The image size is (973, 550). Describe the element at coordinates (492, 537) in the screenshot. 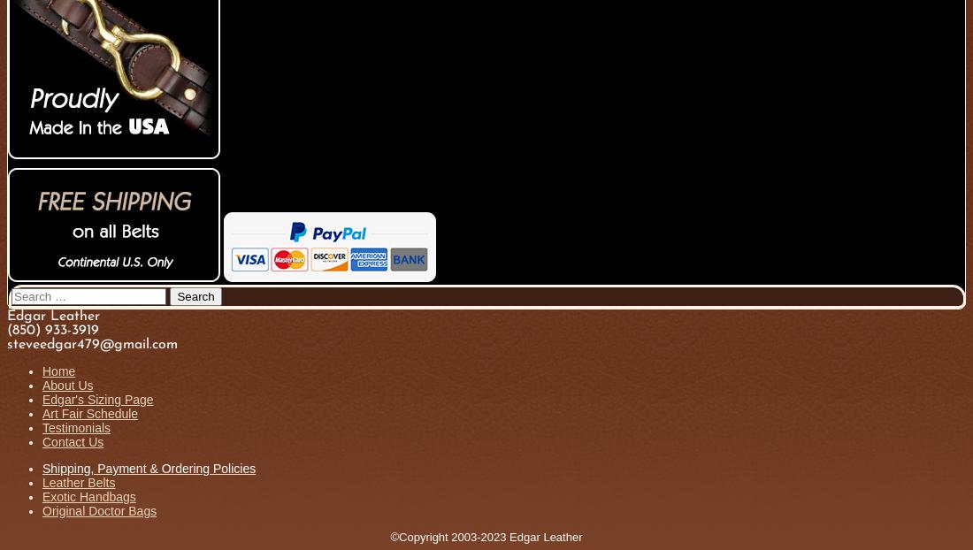

I see `'2023'` at that location.